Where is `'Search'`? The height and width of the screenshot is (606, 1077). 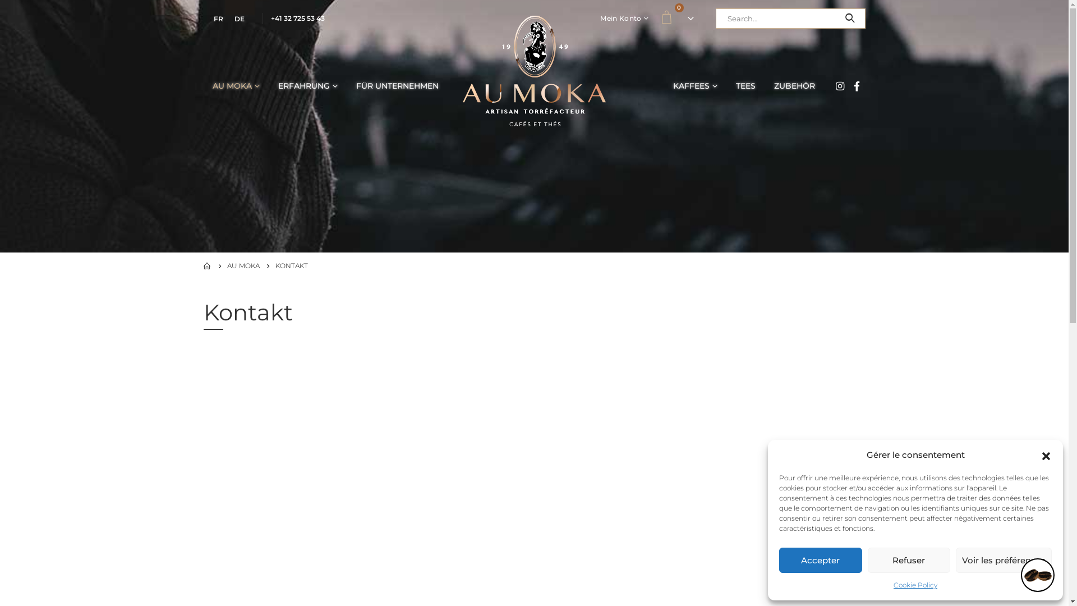
'Search' is located at coordinates (850, 19).